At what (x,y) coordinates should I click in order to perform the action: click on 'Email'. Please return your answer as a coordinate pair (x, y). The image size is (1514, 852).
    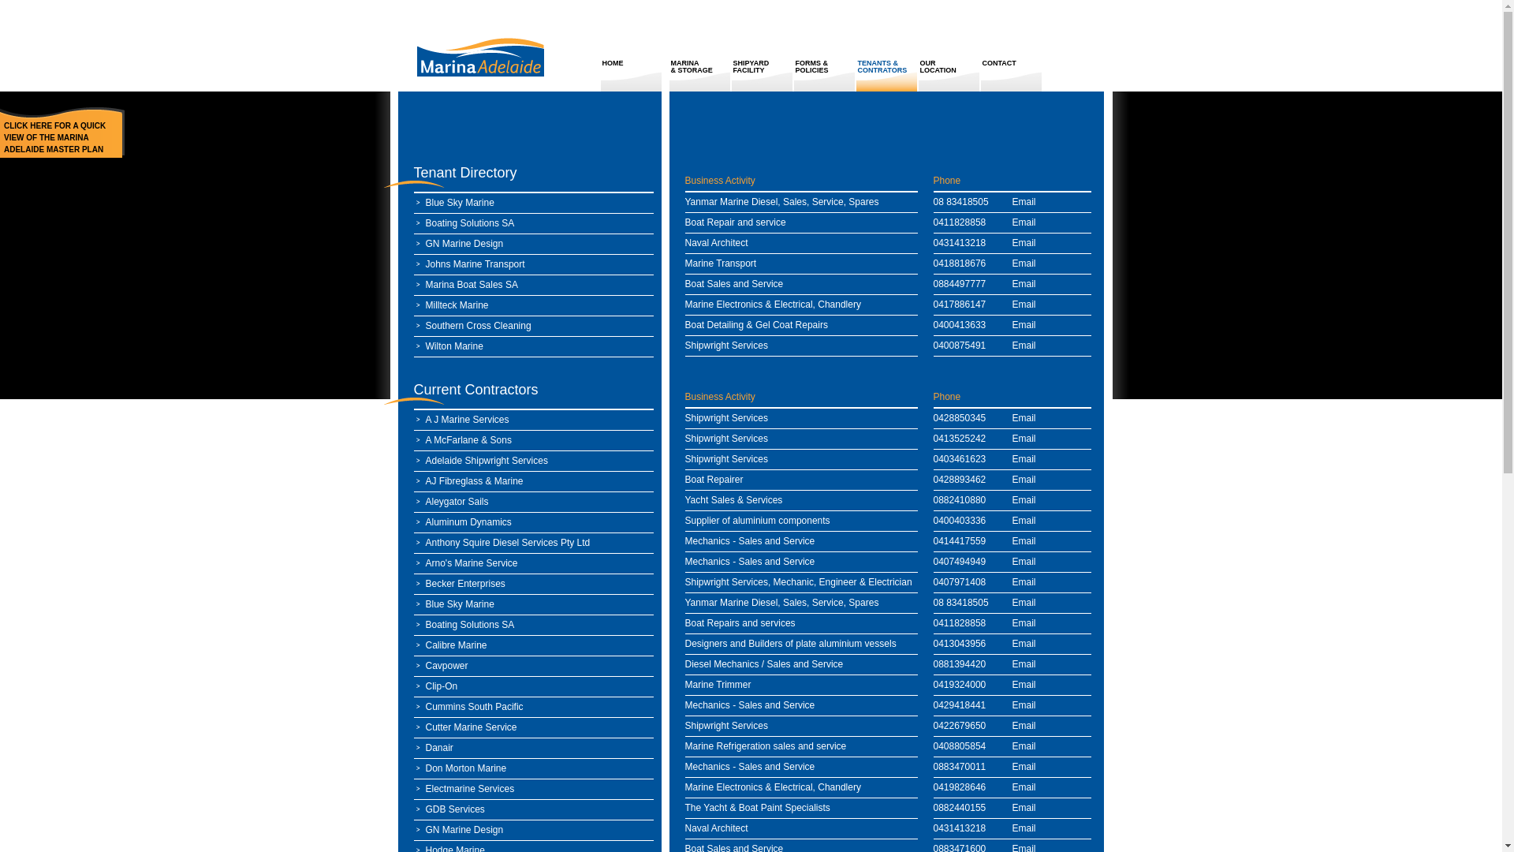
    Looking at the image, I should click on (1024, 200).